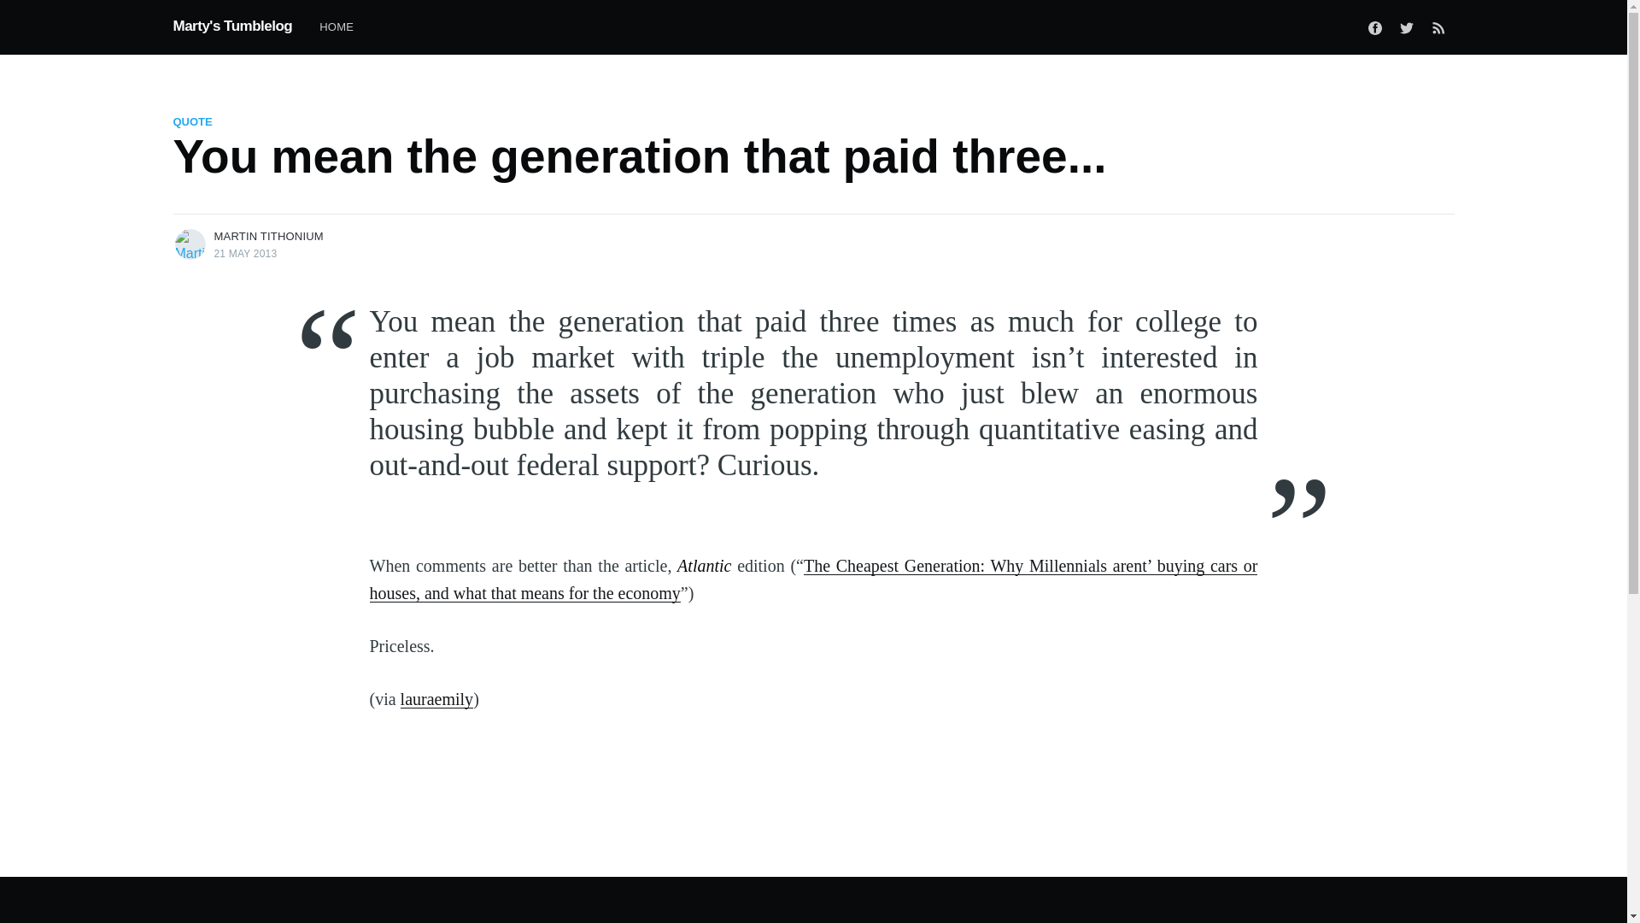 This screenshot has height=923, width=1640. I want to click on 'Twitter', so click(1406, 26).